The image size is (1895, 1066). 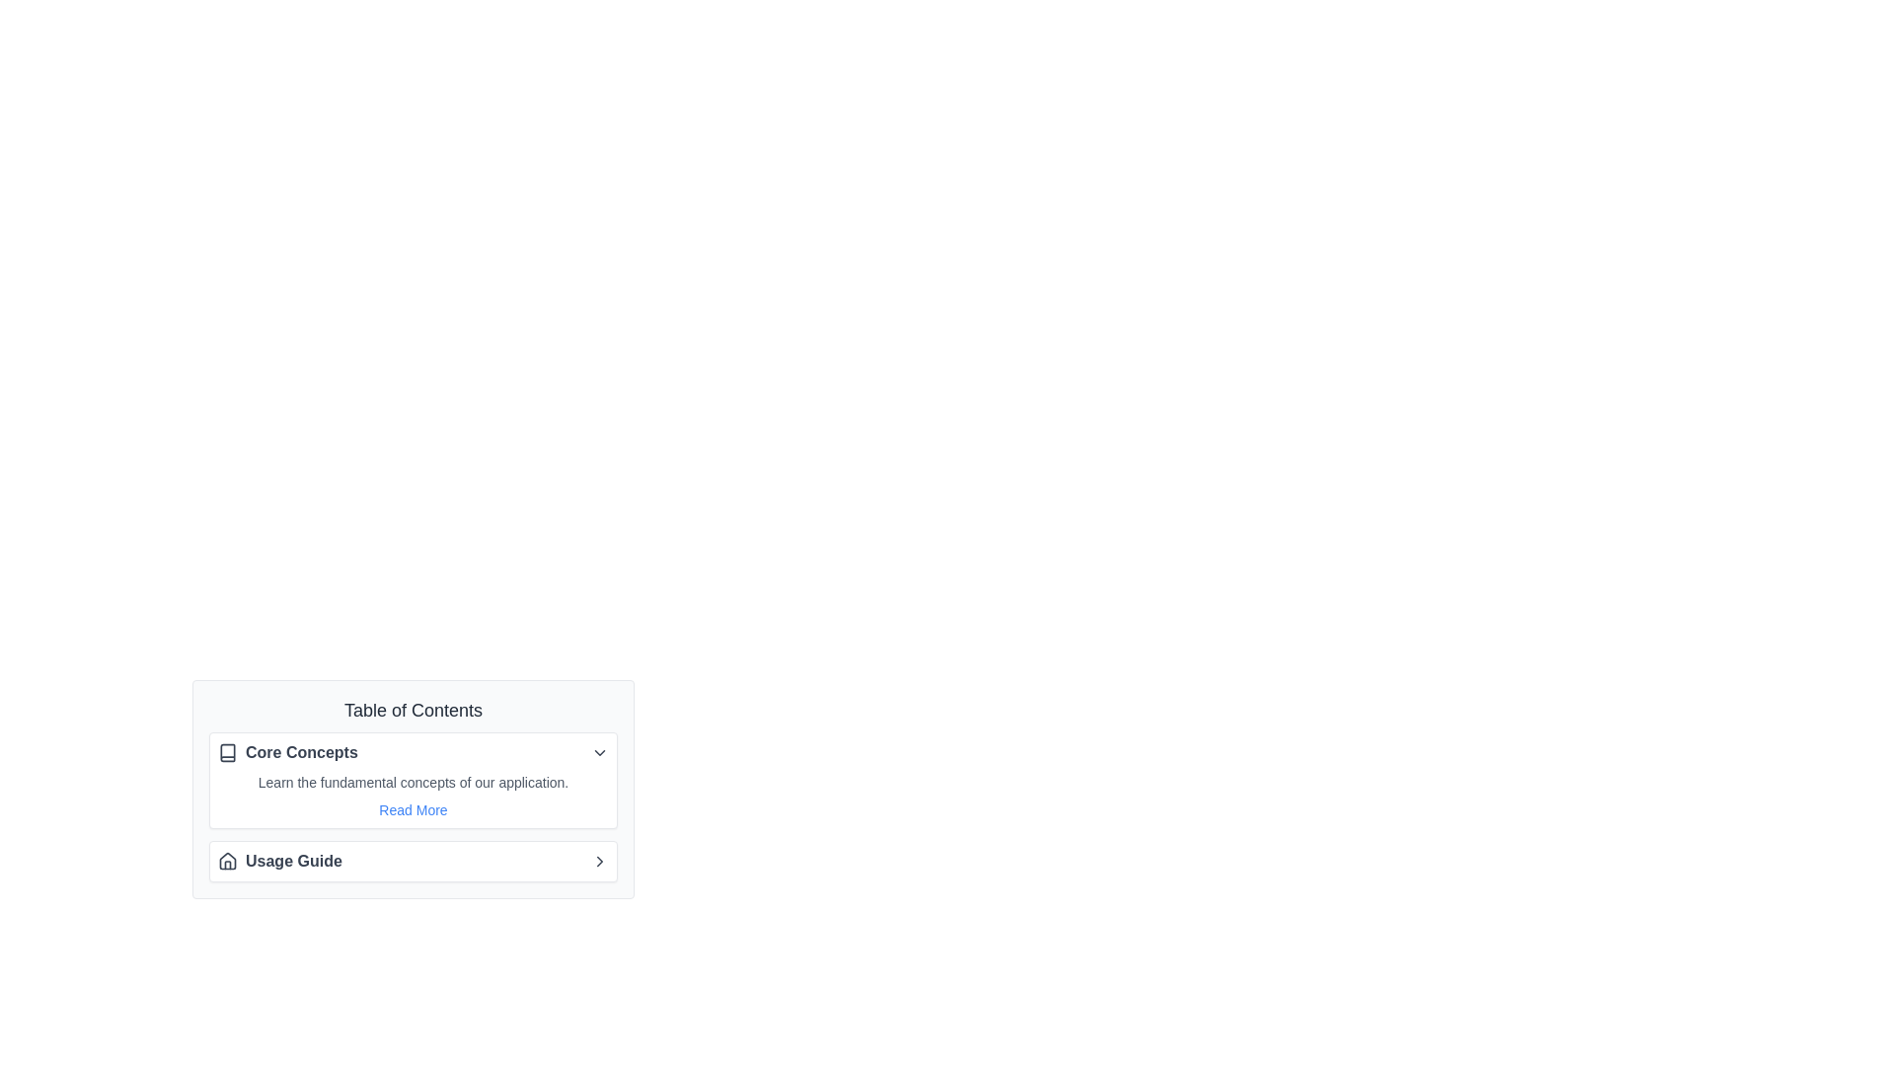 I want to click on the first interactive list item labeled 'Core Concepts' with an expand button, so click(x=412, y=753).